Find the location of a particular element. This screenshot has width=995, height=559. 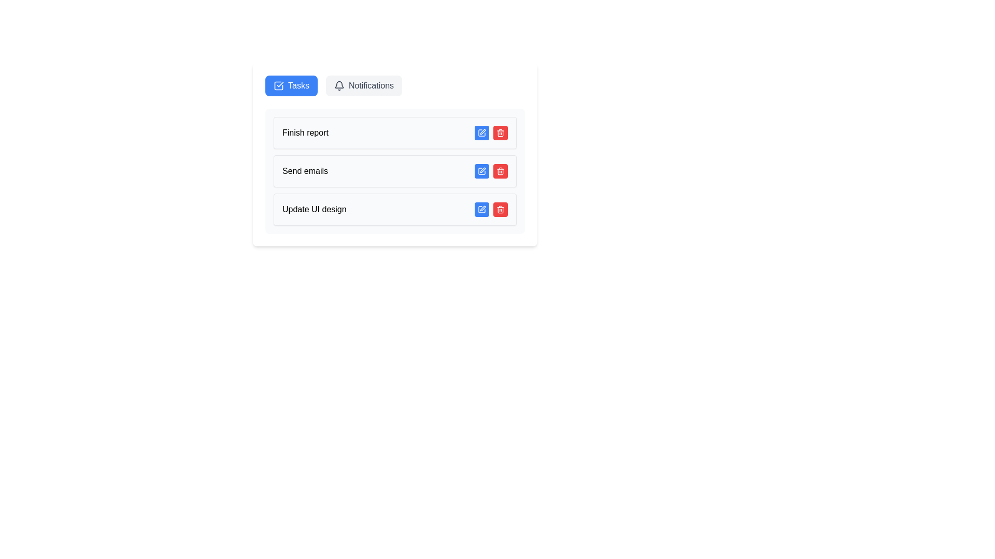

the third item is located at coordinates (394, 210).